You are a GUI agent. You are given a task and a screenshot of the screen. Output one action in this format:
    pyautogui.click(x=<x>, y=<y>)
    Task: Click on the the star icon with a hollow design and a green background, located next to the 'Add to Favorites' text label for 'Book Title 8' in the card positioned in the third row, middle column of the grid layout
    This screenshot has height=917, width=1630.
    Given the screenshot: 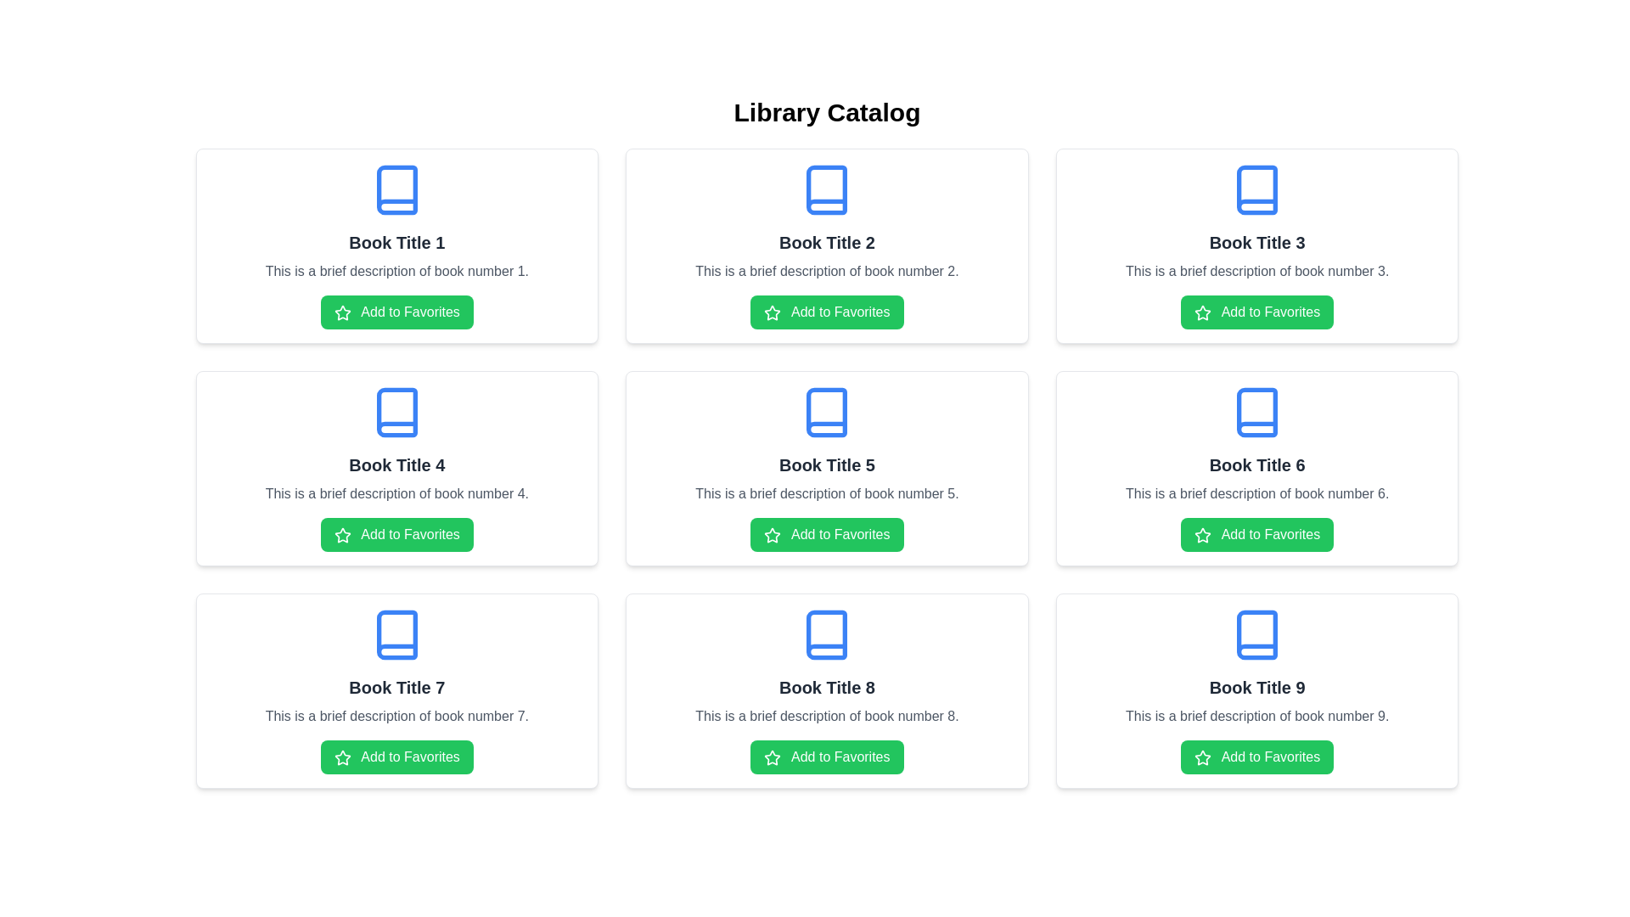 What is the action you would take?
    pyautogui.click(x=772, y=757)
    